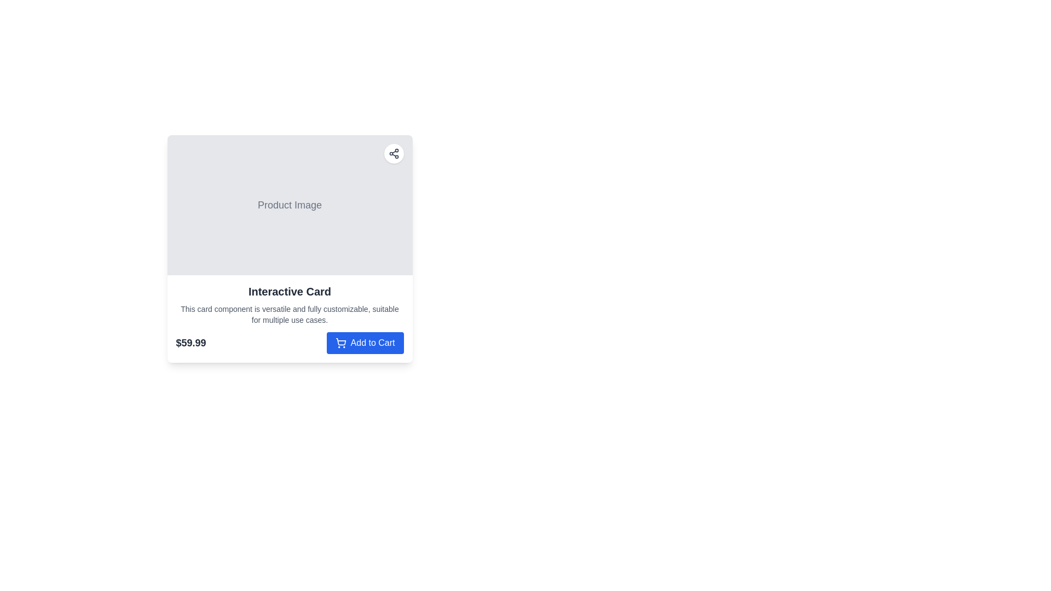  Describe the element at coordinates (191, 343) in the screenshot. I see `the Static Text Display that shows the price '$59.99', which is positioned prominently to the left of the 'Add to Cart' button` at that location.